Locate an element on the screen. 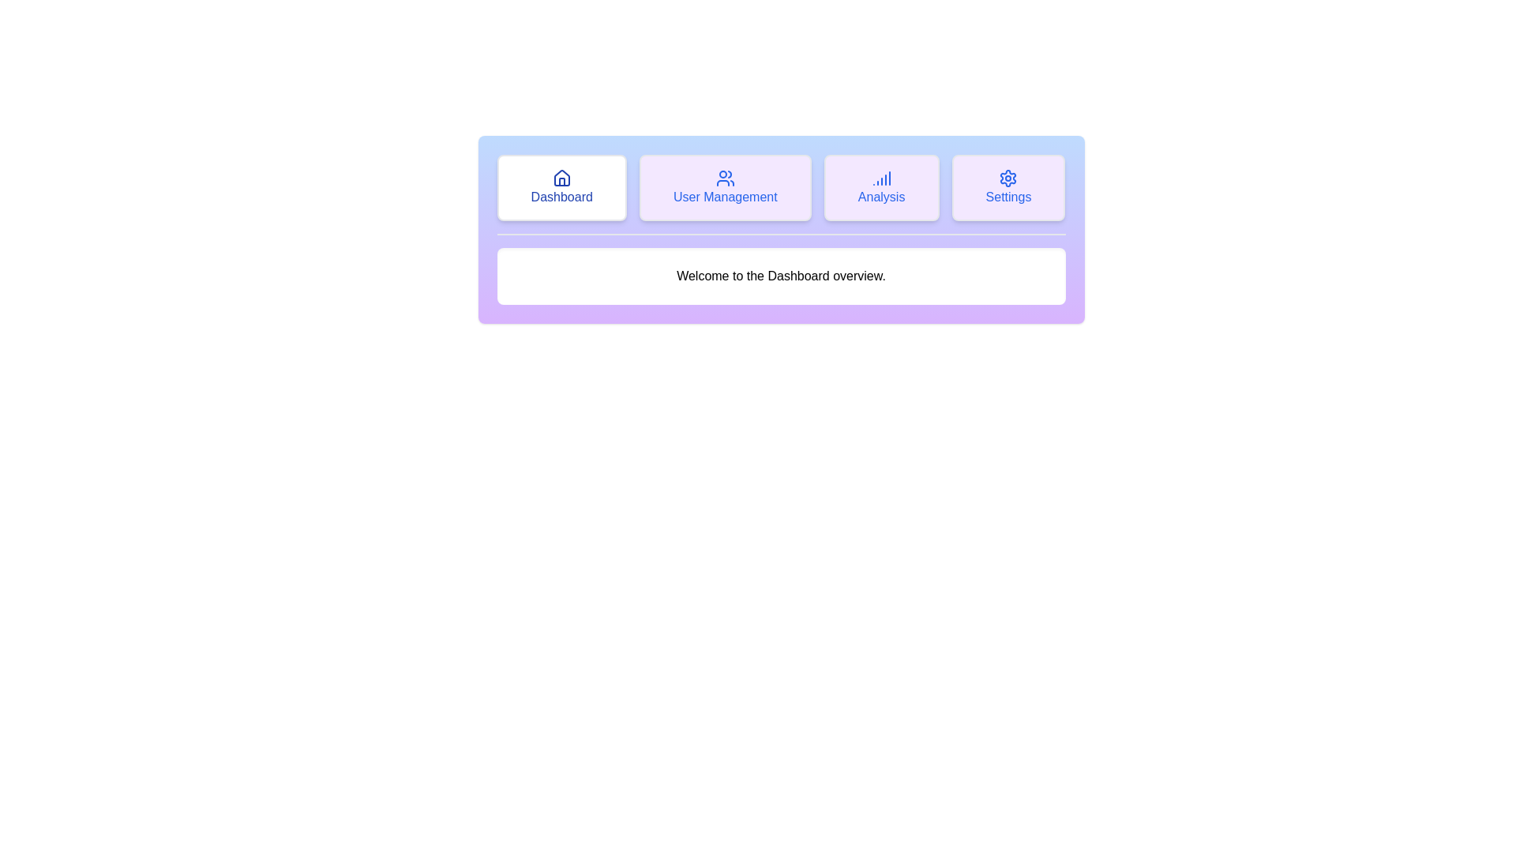 The width and height of the screenshot is (1516, 853). the settings icon, which resembles a cog or gear, located in the top-right corner of the 'Settings' card, colored blue on a light purple background is located at coordinates (1008, 178).